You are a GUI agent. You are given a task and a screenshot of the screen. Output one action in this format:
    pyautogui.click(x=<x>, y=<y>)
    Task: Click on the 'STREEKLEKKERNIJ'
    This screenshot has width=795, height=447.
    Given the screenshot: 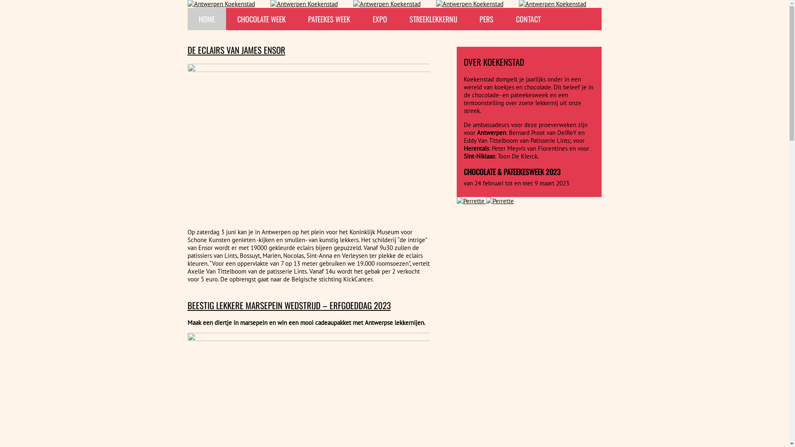 What is the action you would take?
    pyautogui.click(x=433, y=19)
    